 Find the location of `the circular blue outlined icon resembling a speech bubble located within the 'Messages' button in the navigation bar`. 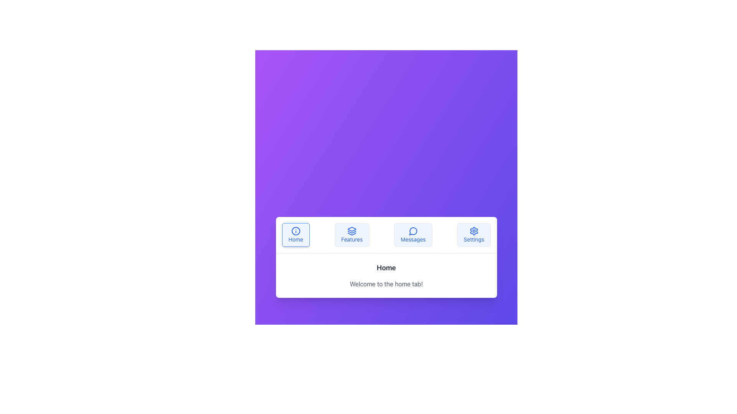

the circular blue outlined icon resembling a speech bubble located within the 'Messages' button in the navigation bar is located at coordinates (413, 230).